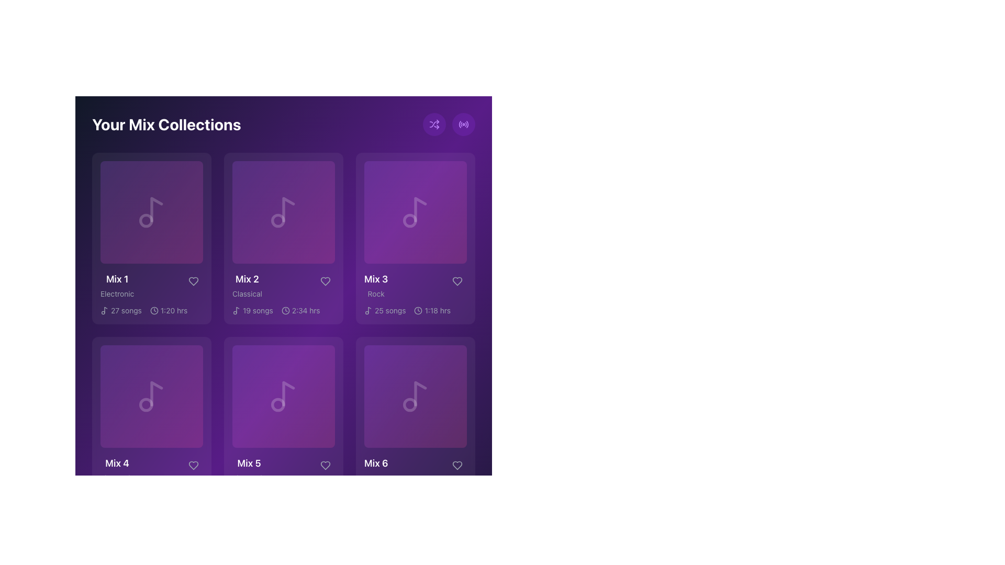 Image resolution: width=1005 pixels, height=565 pixels. What do you see at coordinates (415, 212) in the screenshot?
I see `the decorative music collection icon located centrally within the 'Mix 3' box, which is layered above a purple background` at bounding box center [415, 212].